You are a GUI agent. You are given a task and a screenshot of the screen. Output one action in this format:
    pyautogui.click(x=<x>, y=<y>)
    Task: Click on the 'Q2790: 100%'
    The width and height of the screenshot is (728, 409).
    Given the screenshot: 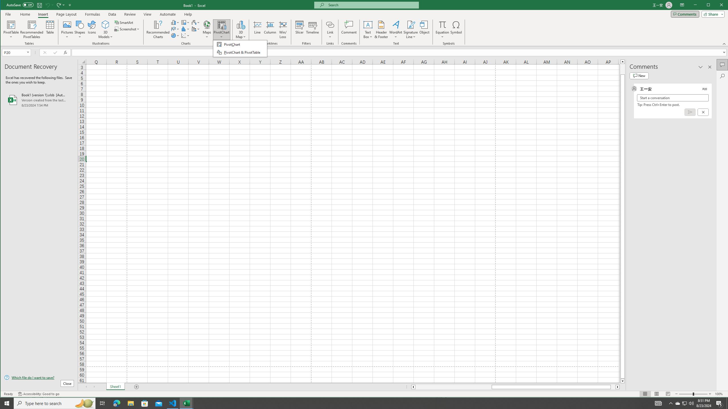 What is the action you would take?
    pyautogui.click(x=691, y=403)
    